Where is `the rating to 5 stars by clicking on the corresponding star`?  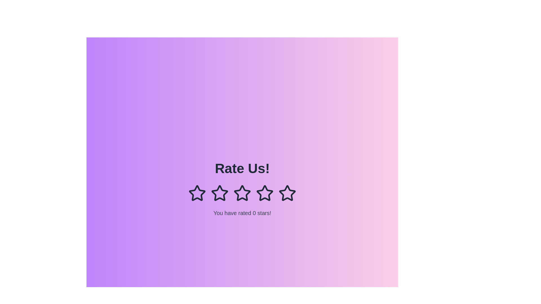 the rating to 5 stars by clicking on the corresponding star is located at coordinates (287, 193).